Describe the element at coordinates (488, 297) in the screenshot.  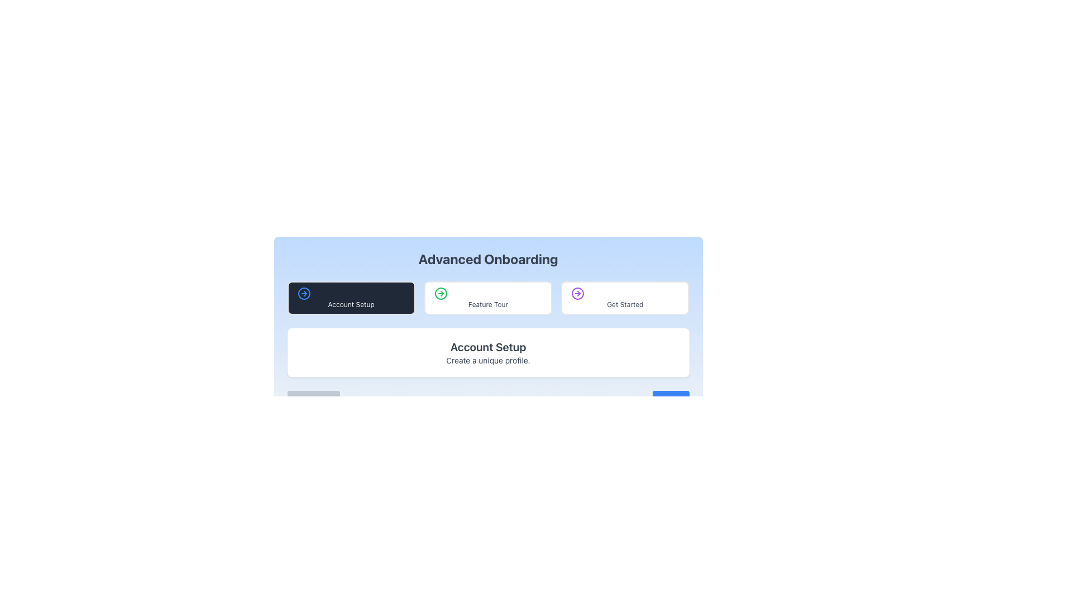
I see `the button labeled 'Feature Tour', which has a green arrow icon and is centrally placed among three buttons` at that location.